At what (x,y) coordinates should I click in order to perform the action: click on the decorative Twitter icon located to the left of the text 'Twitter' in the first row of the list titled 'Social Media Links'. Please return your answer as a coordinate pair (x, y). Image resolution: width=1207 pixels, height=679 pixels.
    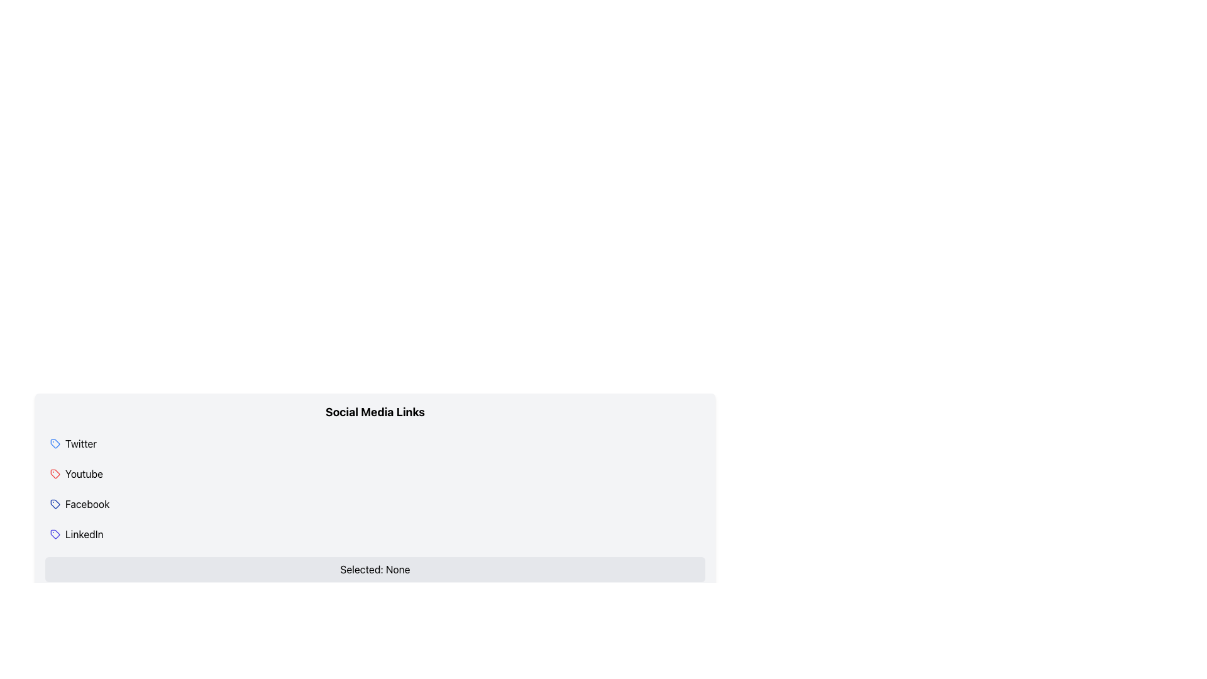
    Looking at the image, I should click on (54, 443).